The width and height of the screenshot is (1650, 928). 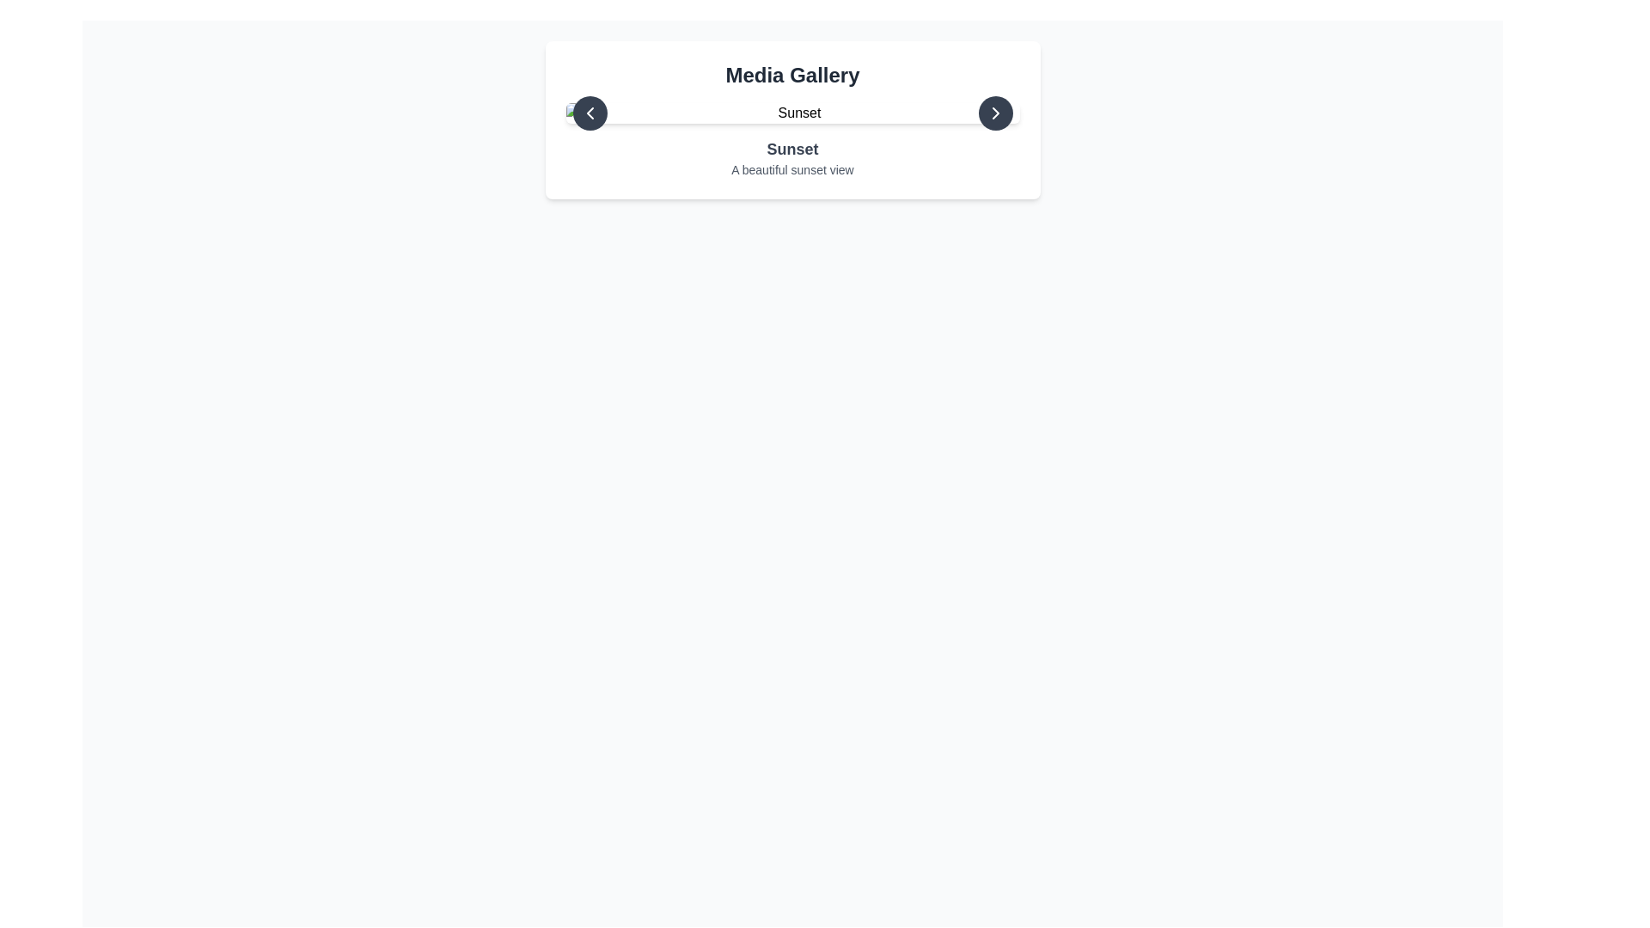 What do you see at coordinates (590, 113) in the screenshot?
I see `the left arrow SVG icon in the upper left region of the 'Media Gallery' card layout, which is part of the left-hand control group for navigating backward within the gallery` at bounding box center [590, 113].